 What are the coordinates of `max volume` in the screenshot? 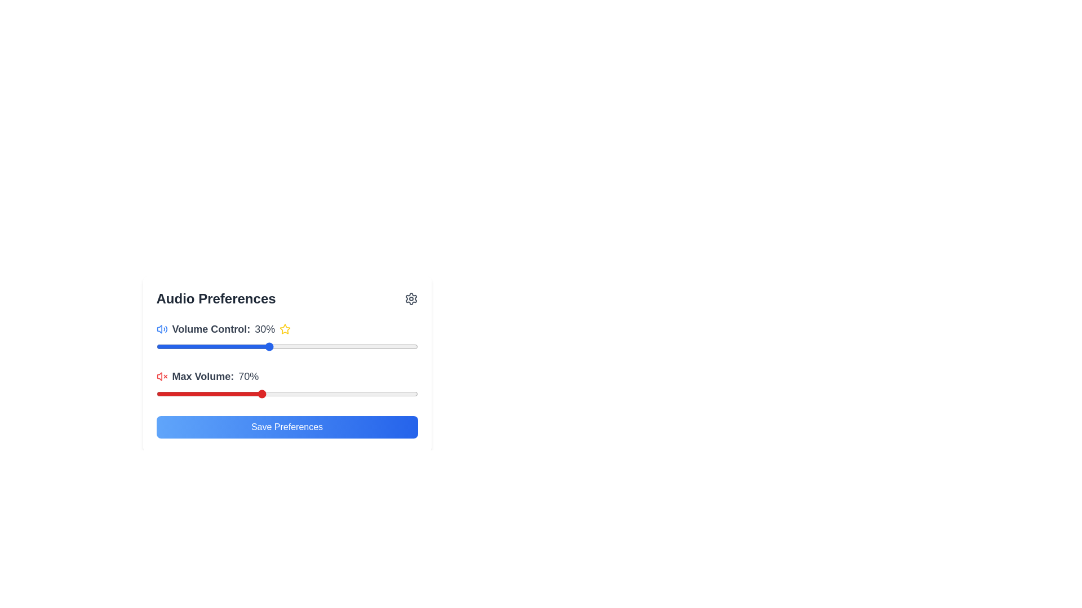 It's located at (334, 393).